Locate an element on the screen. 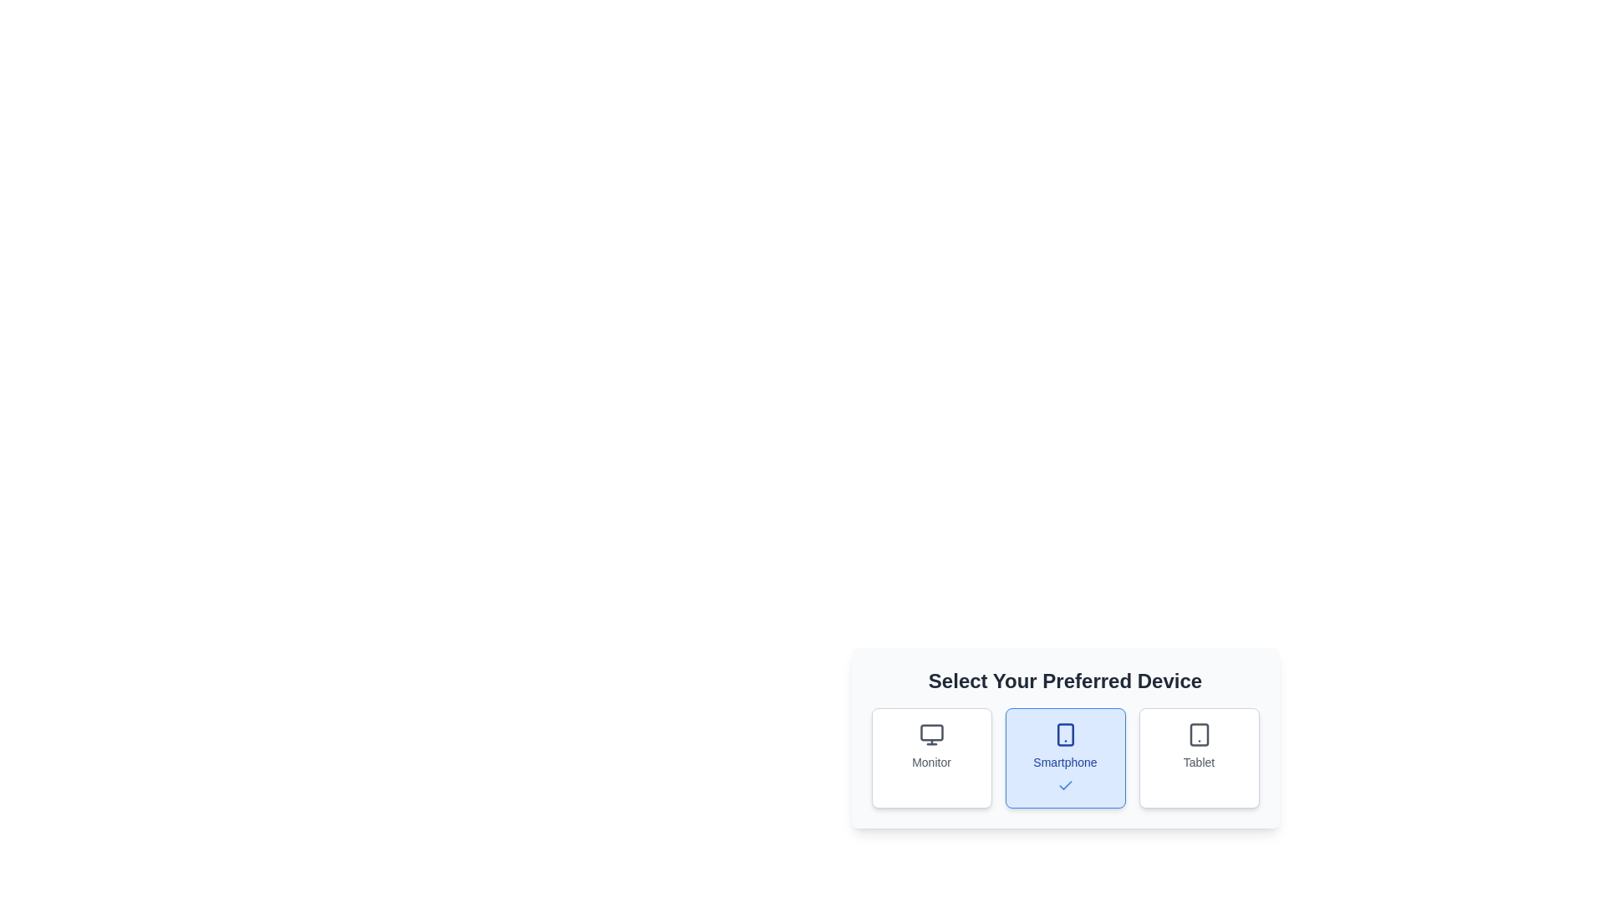 The width and height of the screenshot is (1605, 903). the tablet device icon located below the text 'Select Your Preferred Device', which is the third button in the row of icon buttons is located at coordinates (1198, 734).